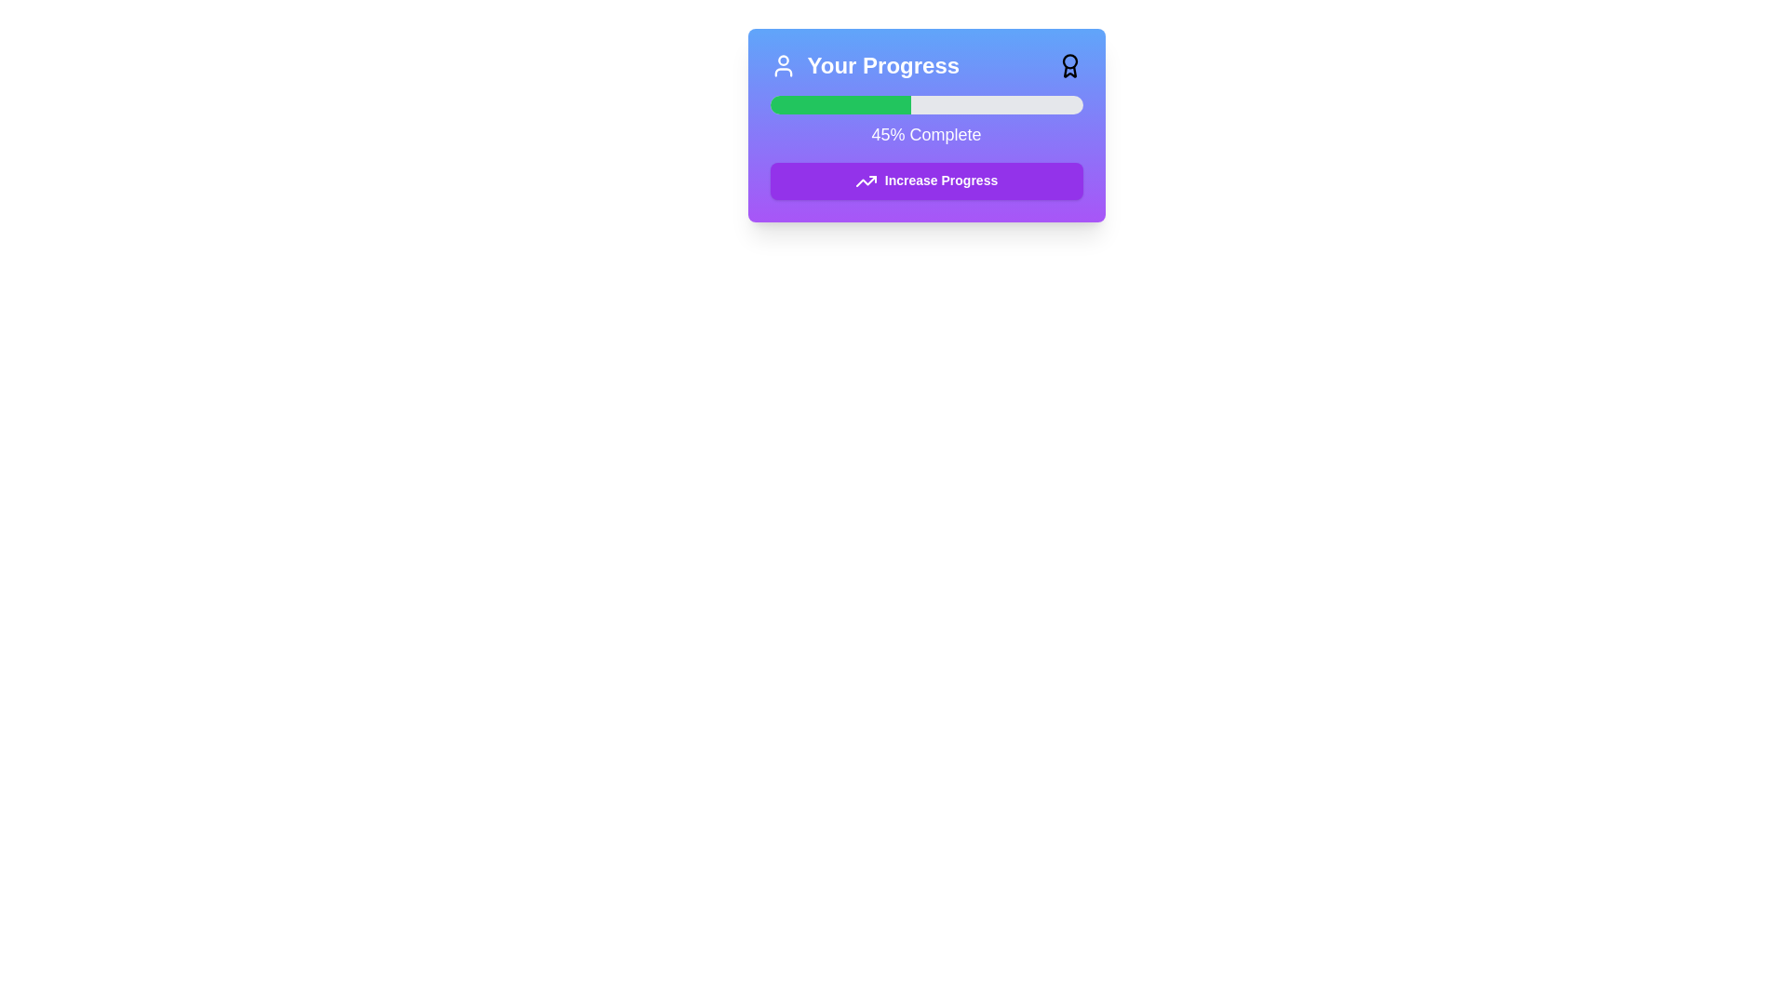 The height and width of the screenshot is (1005, 1787). What do you see at coordinates (783, 64) in the screenshot?
I see `the user profile icon, which is a circular white outline located in the blue header bar at the top-left corner, next to the 'Your Progress' text` at bounding box center [783, 64].